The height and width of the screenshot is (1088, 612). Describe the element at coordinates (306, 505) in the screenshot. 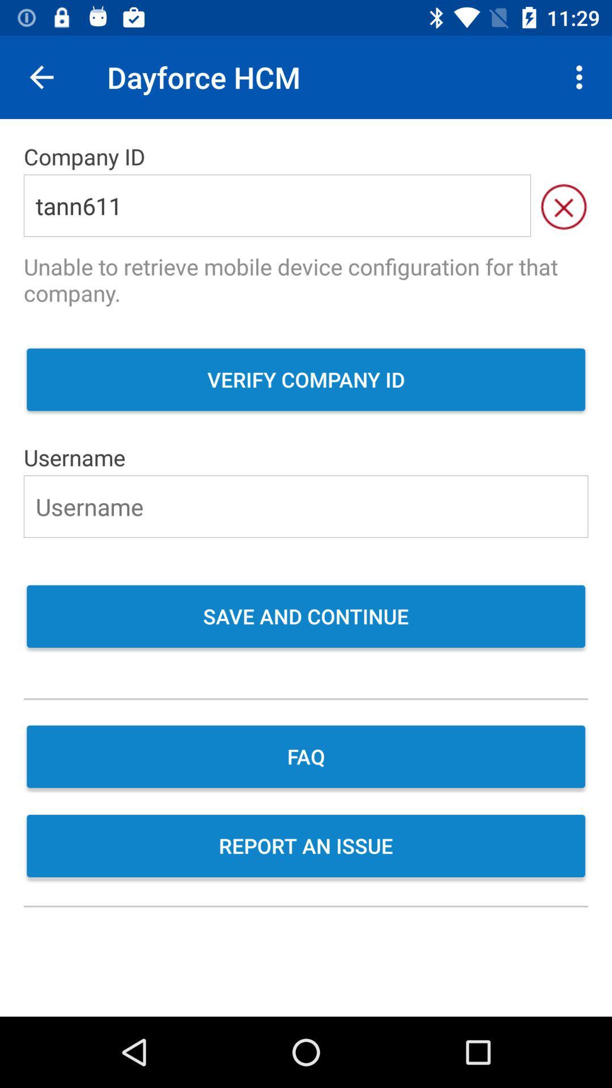

I see `type username` at that location.